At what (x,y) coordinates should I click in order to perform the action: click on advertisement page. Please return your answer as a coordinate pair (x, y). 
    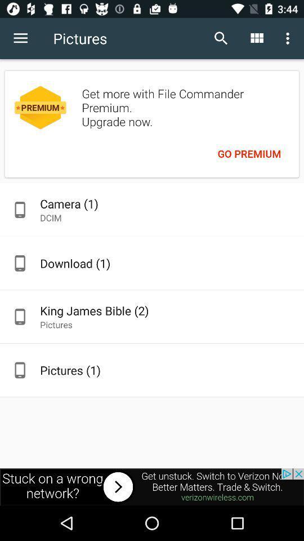
    Looking at the image, I should click on (152, 486).